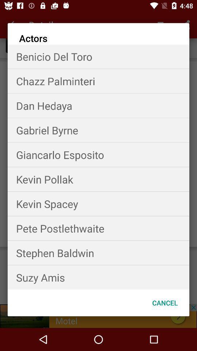  What do you see at coordinates (98, 81) in the screenshot?
I see `chazz palminteri icon` at bounding box center [98, 81].